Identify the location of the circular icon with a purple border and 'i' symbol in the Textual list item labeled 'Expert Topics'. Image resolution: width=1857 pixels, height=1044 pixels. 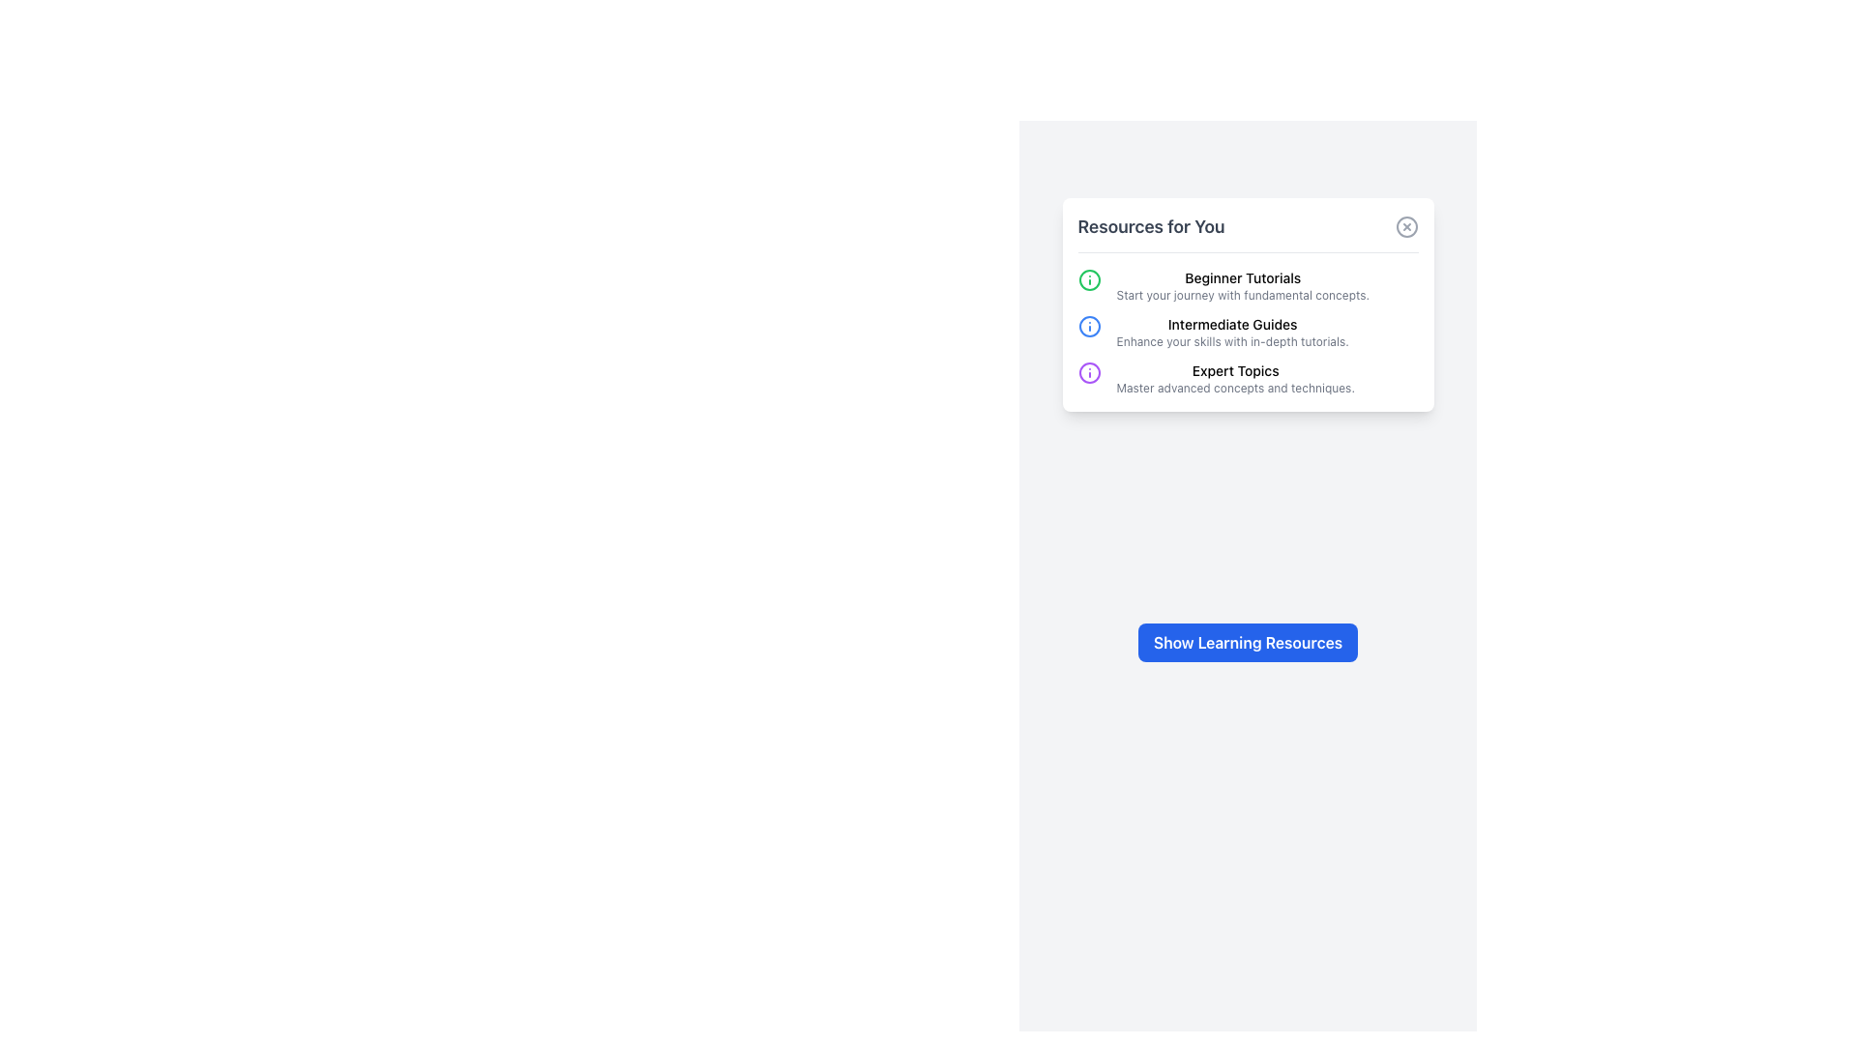
(1248, 379).